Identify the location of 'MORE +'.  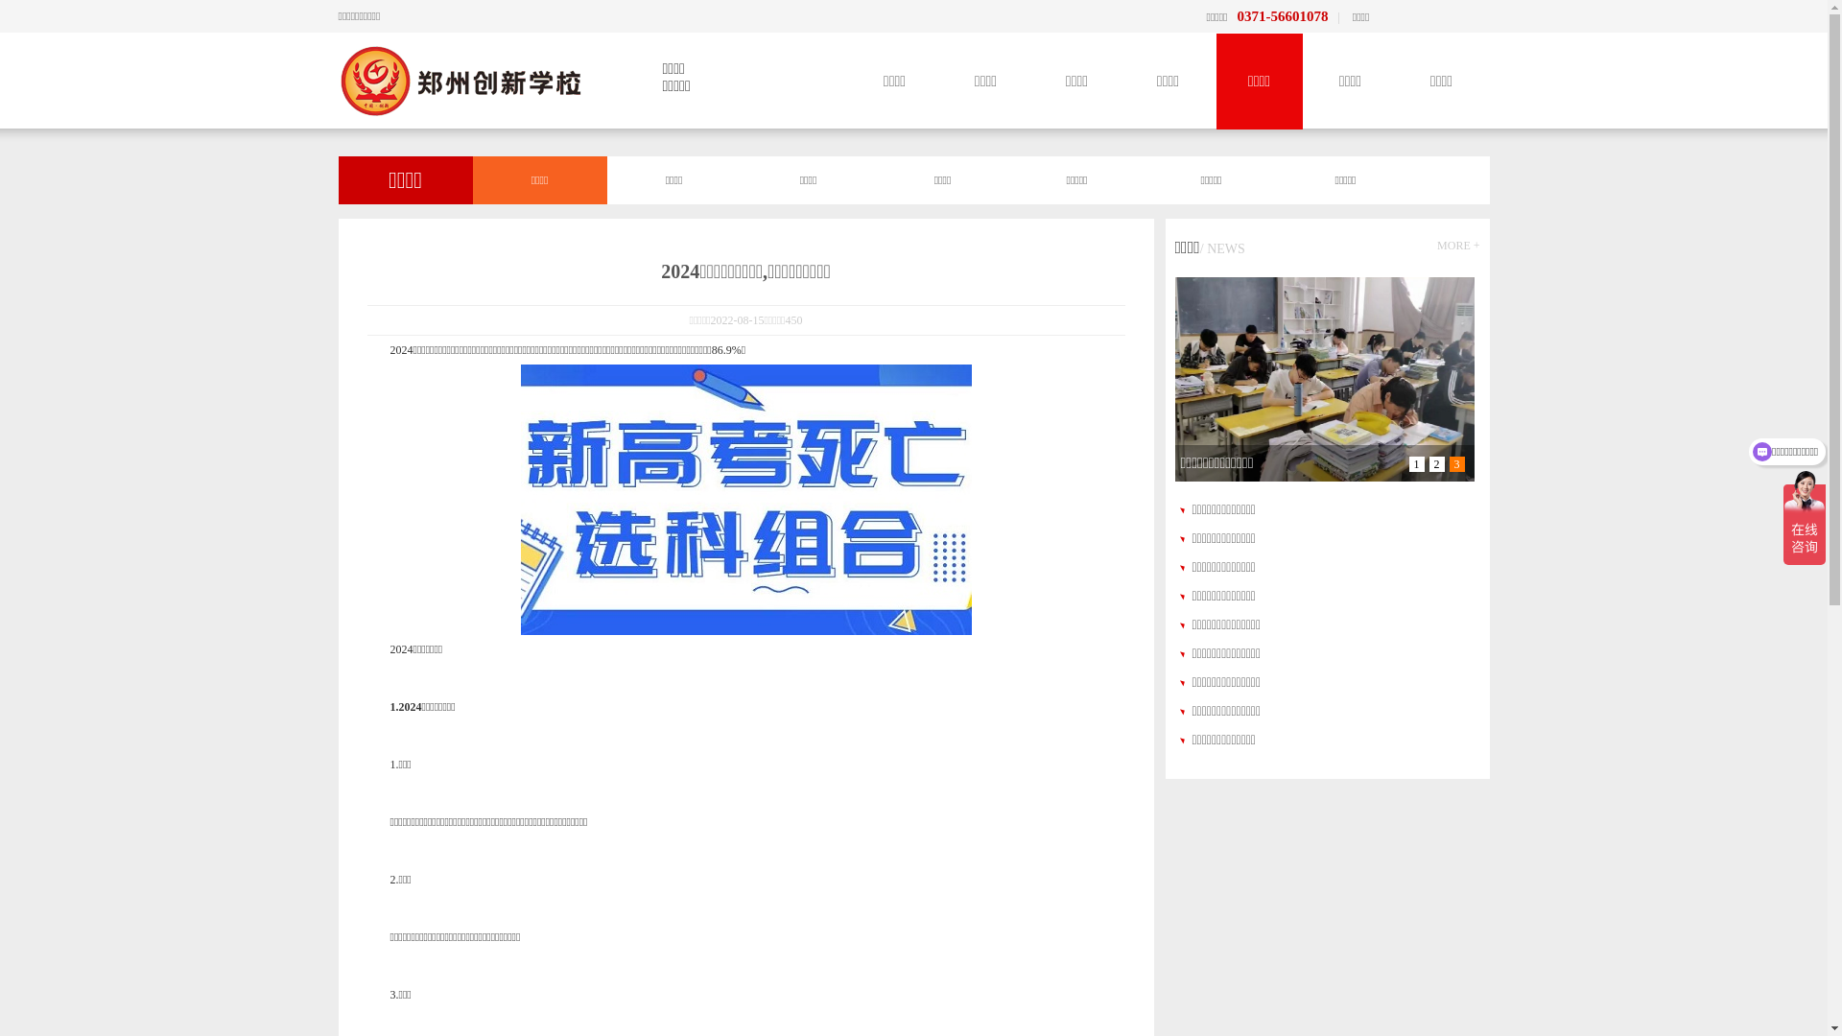
(1458, 244).